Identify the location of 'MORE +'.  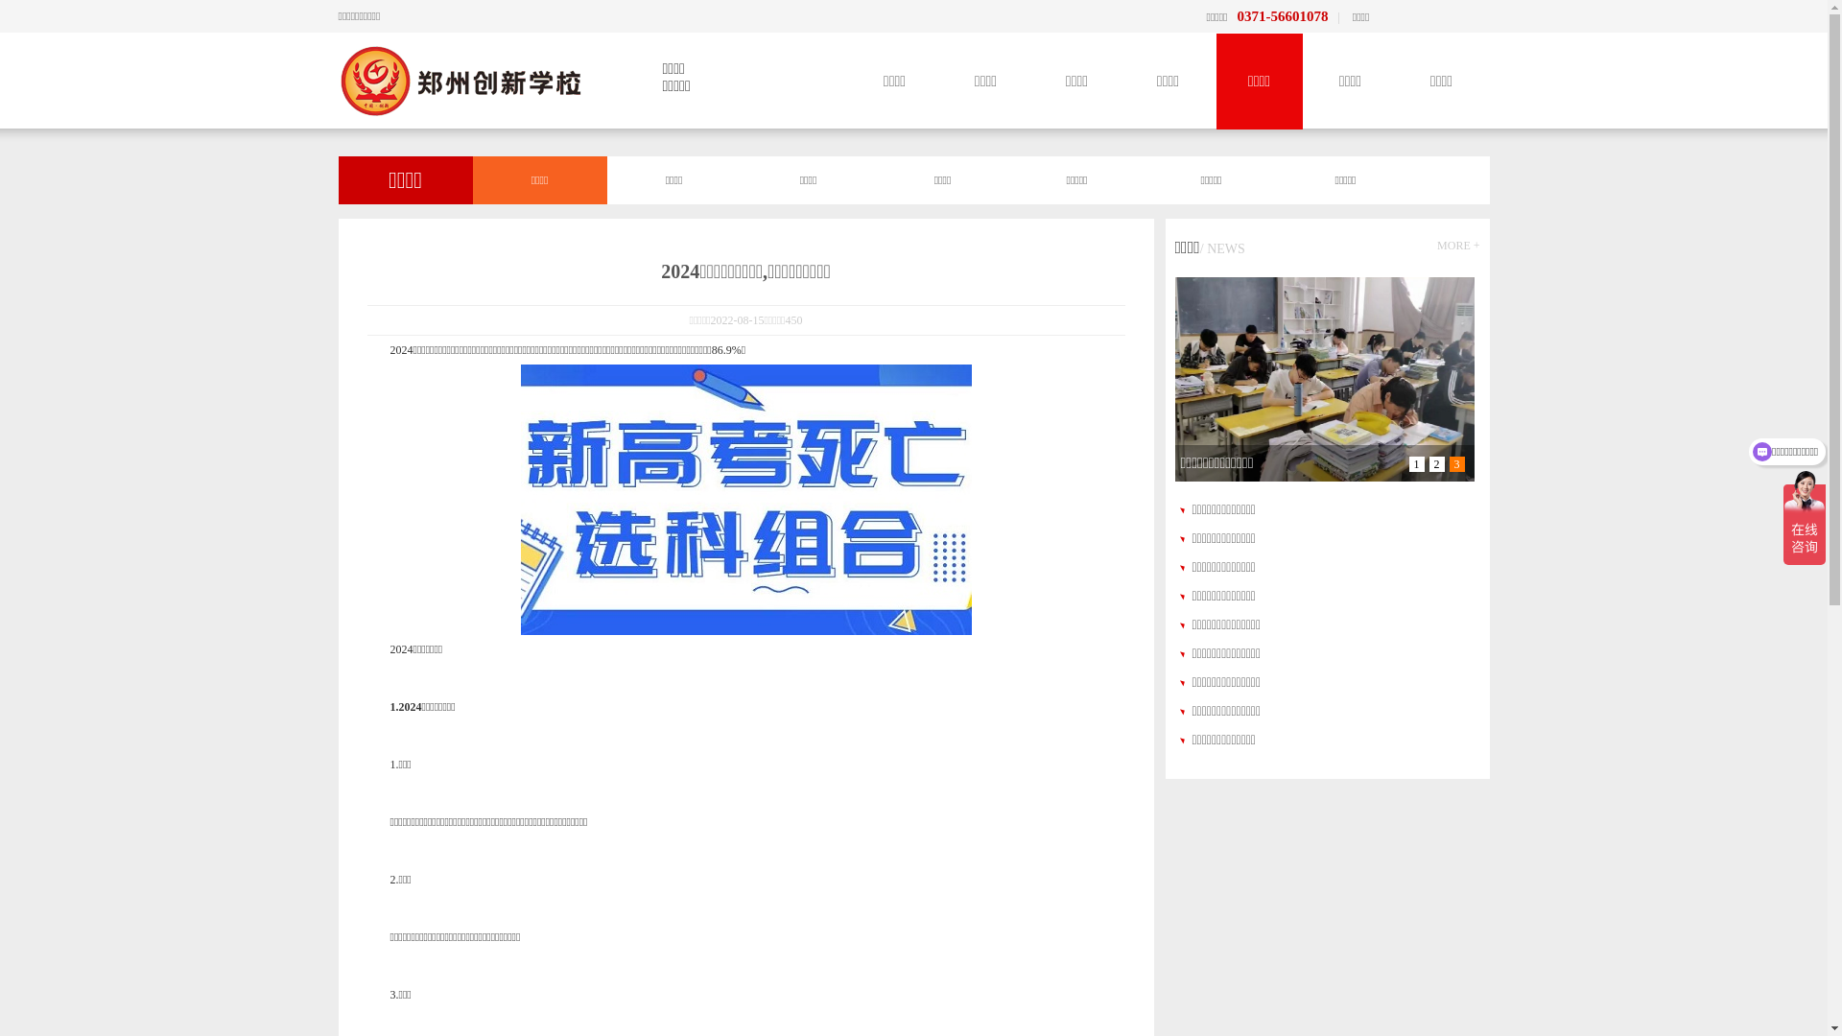
(1458, 244).